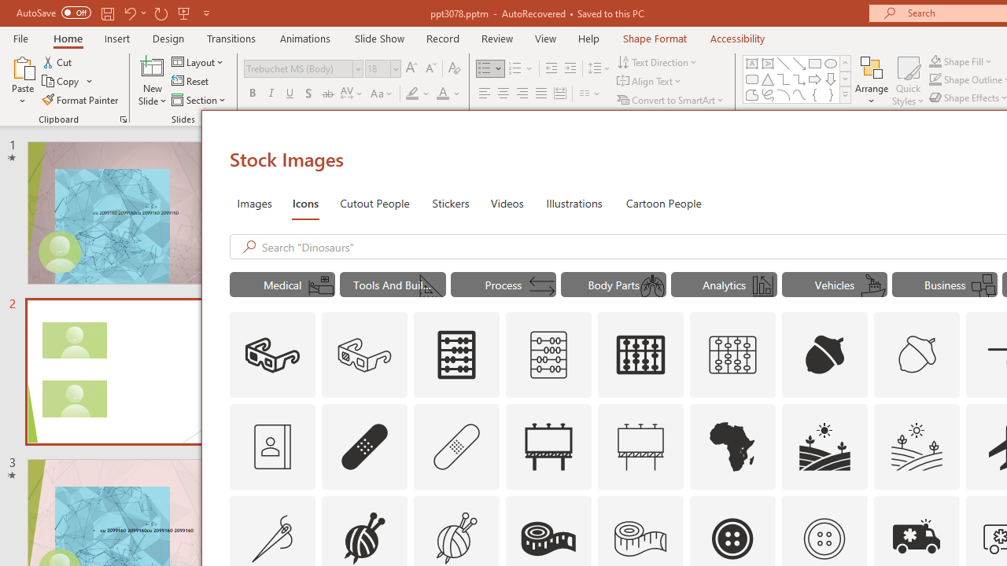  What do you see at coordinates (548, 355) in the screenshot?
I see `'AutomationID: Icons_Abacus_M'` at bounding box center [548, 355].